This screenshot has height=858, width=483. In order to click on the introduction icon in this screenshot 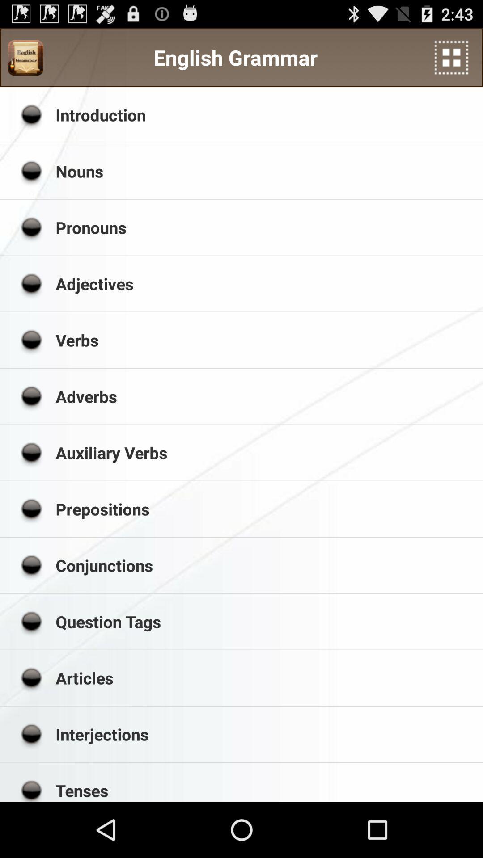, I will do `click(266, 114)`.